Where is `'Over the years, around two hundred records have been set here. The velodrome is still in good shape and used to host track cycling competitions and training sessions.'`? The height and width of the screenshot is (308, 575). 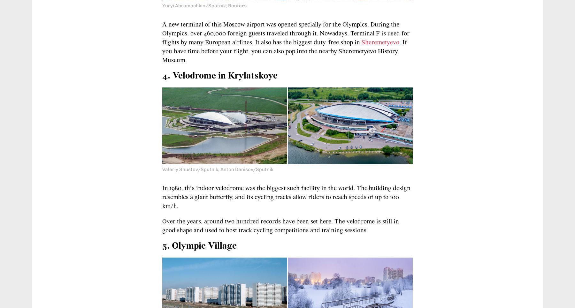 'Over the years, around two hundred records have been set here. The velodrome is still in good shape and used to host track cycling competitions and training sessions.' is located at coordinates (280, 226).